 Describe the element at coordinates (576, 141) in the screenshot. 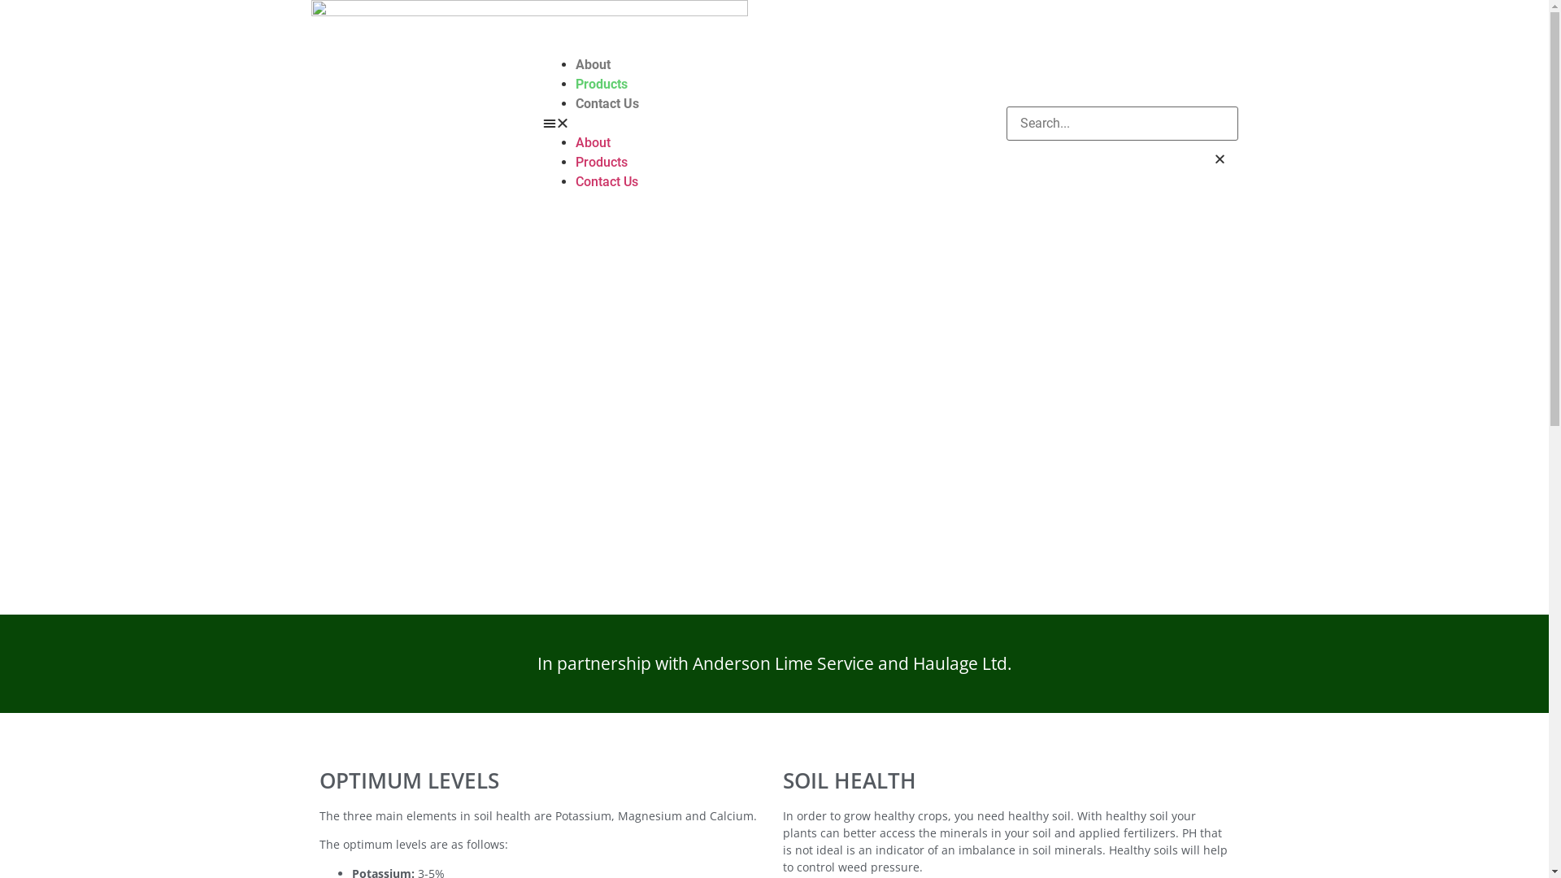

I see `'About'` at that location.